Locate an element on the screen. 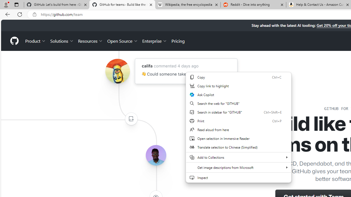 The width and height of the screenshot is (351, 197). 'Wikipedia, the free encyclopedia' is located at coordinates (188, 5).